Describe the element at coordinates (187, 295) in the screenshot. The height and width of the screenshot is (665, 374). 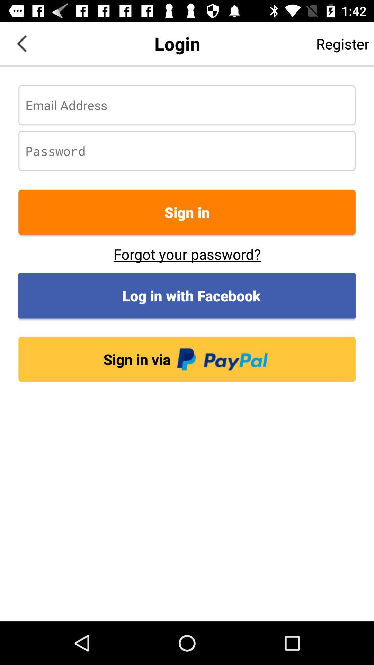
I see `log in with button` at that location.